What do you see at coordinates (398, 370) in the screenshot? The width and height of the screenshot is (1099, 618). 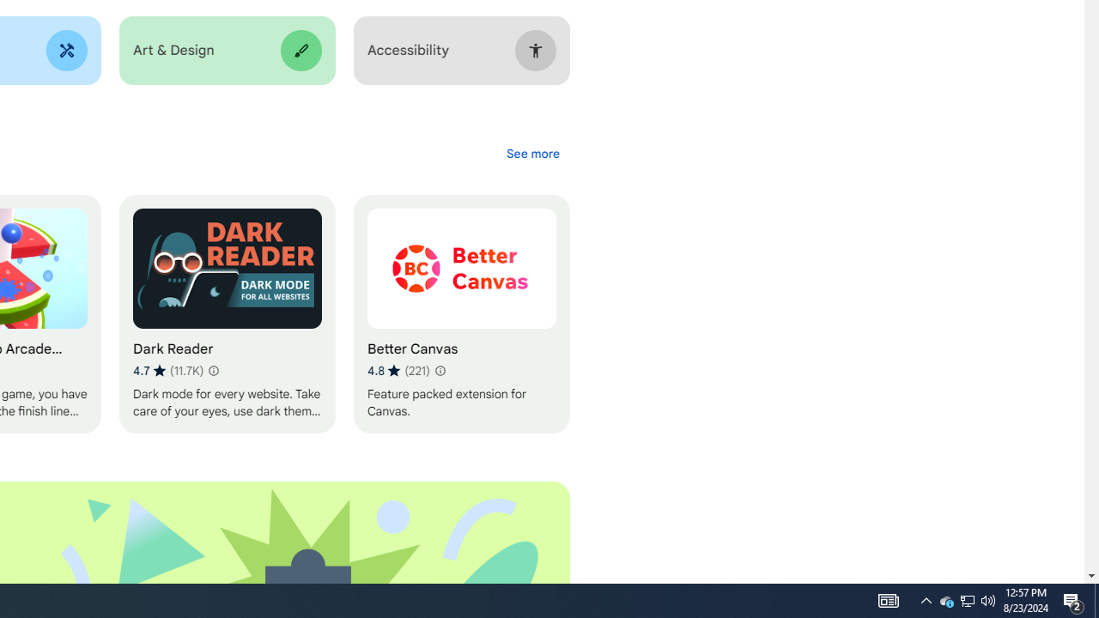 I see `'Average rating 4.8 out of 5 stars. 221 ratings.'` at bounding box center [398, 370].